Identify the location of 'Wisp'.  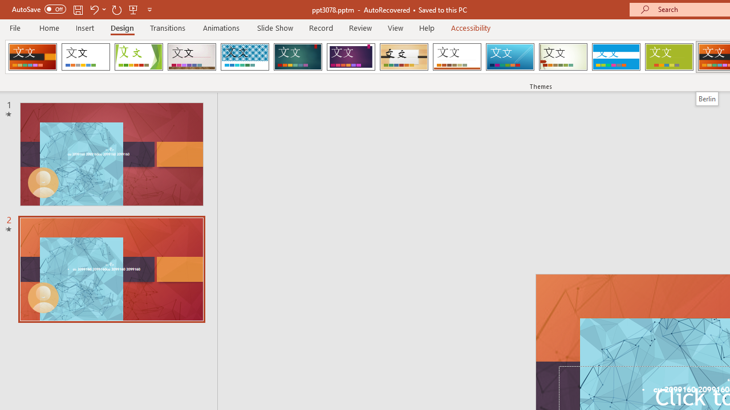
(563, 57).